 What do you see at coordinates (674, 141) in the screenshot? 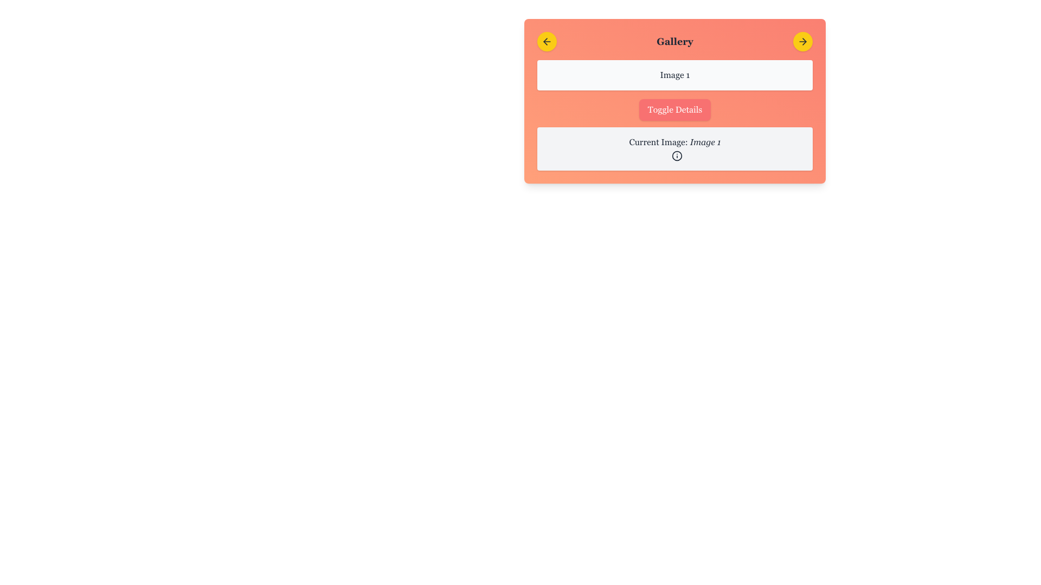
I see `the static text label that displays 'Current Image: Image 1', located in the lower section of the 'Gallery' panel, above a small circular icon` at bounding box center [674, 141].